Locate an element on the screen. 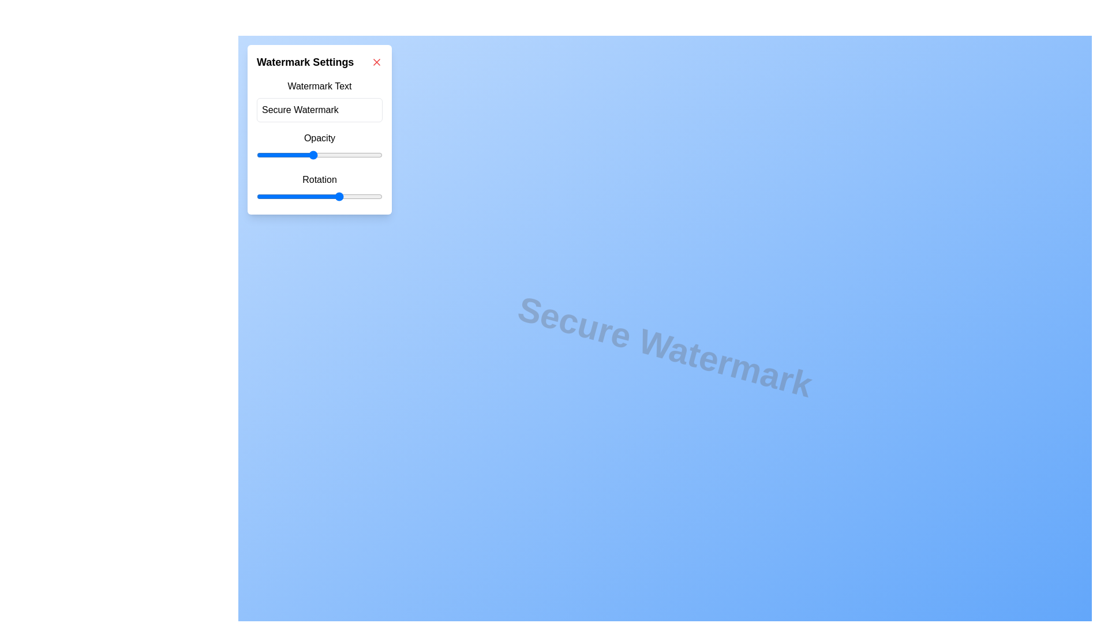 This screenshot has height=623, width=1108. the 'Opacity' text label to check for additional options that may highlight is located at coordinates (319, 137).